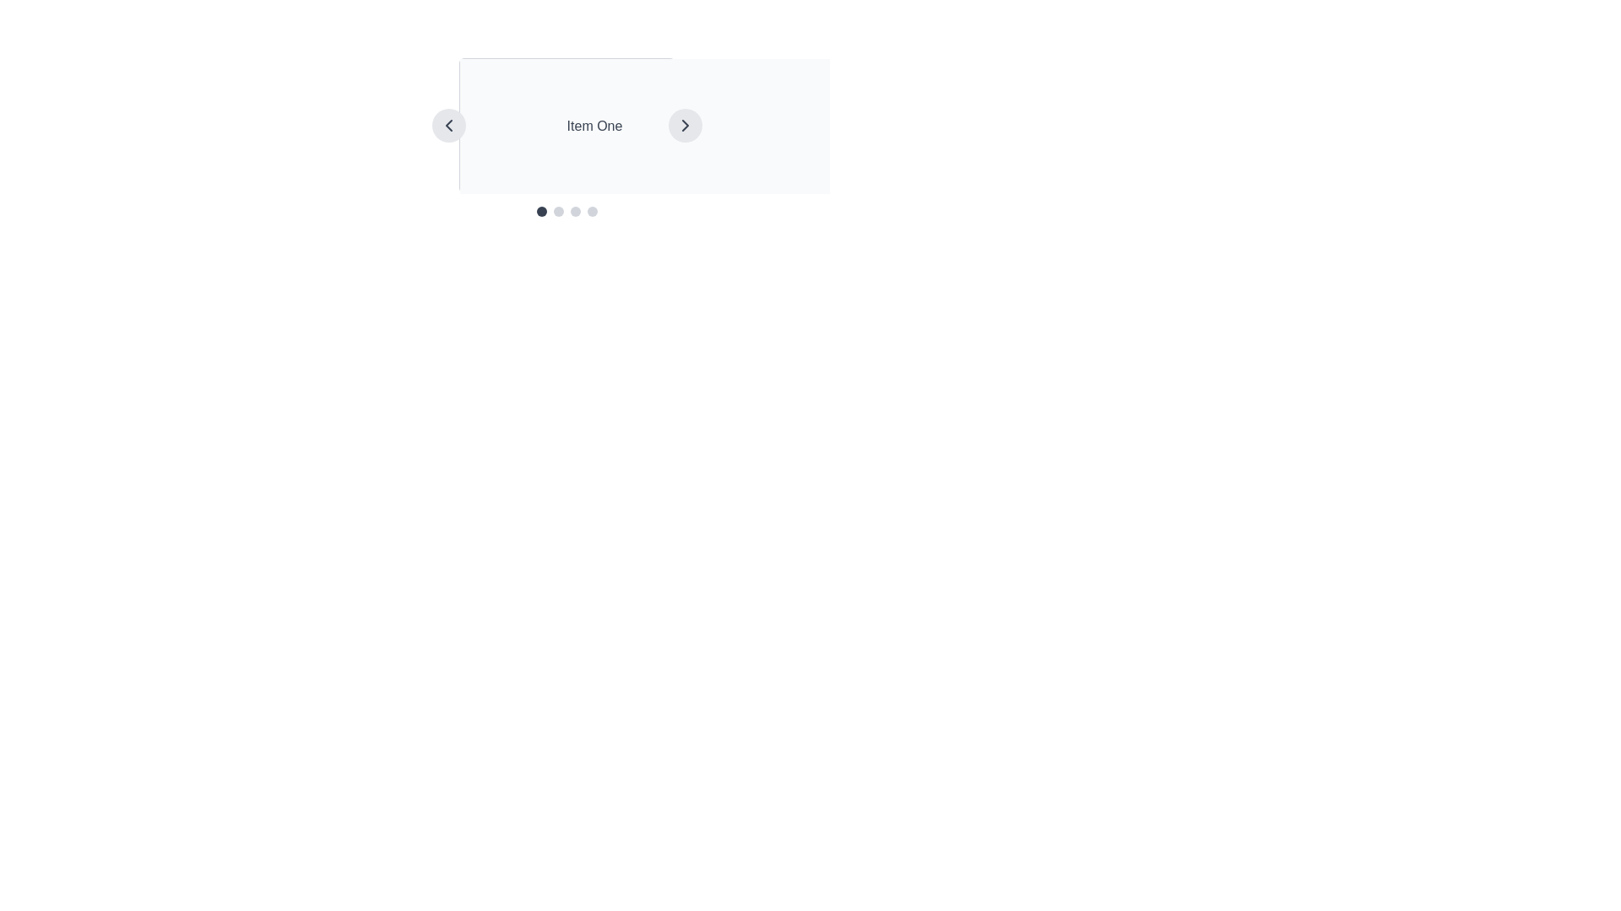  I want to click on the third circular pagination indicator, which has a light gray fill and is located below 'Item One', so click(575, 210).